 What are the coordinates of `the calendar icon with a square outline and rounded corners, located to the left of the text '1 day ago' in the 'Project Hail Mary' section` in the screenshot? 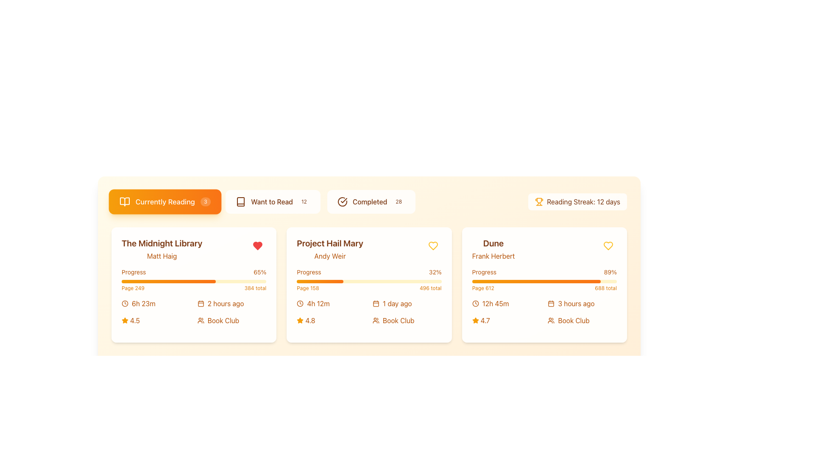 It's located at (376, 303).